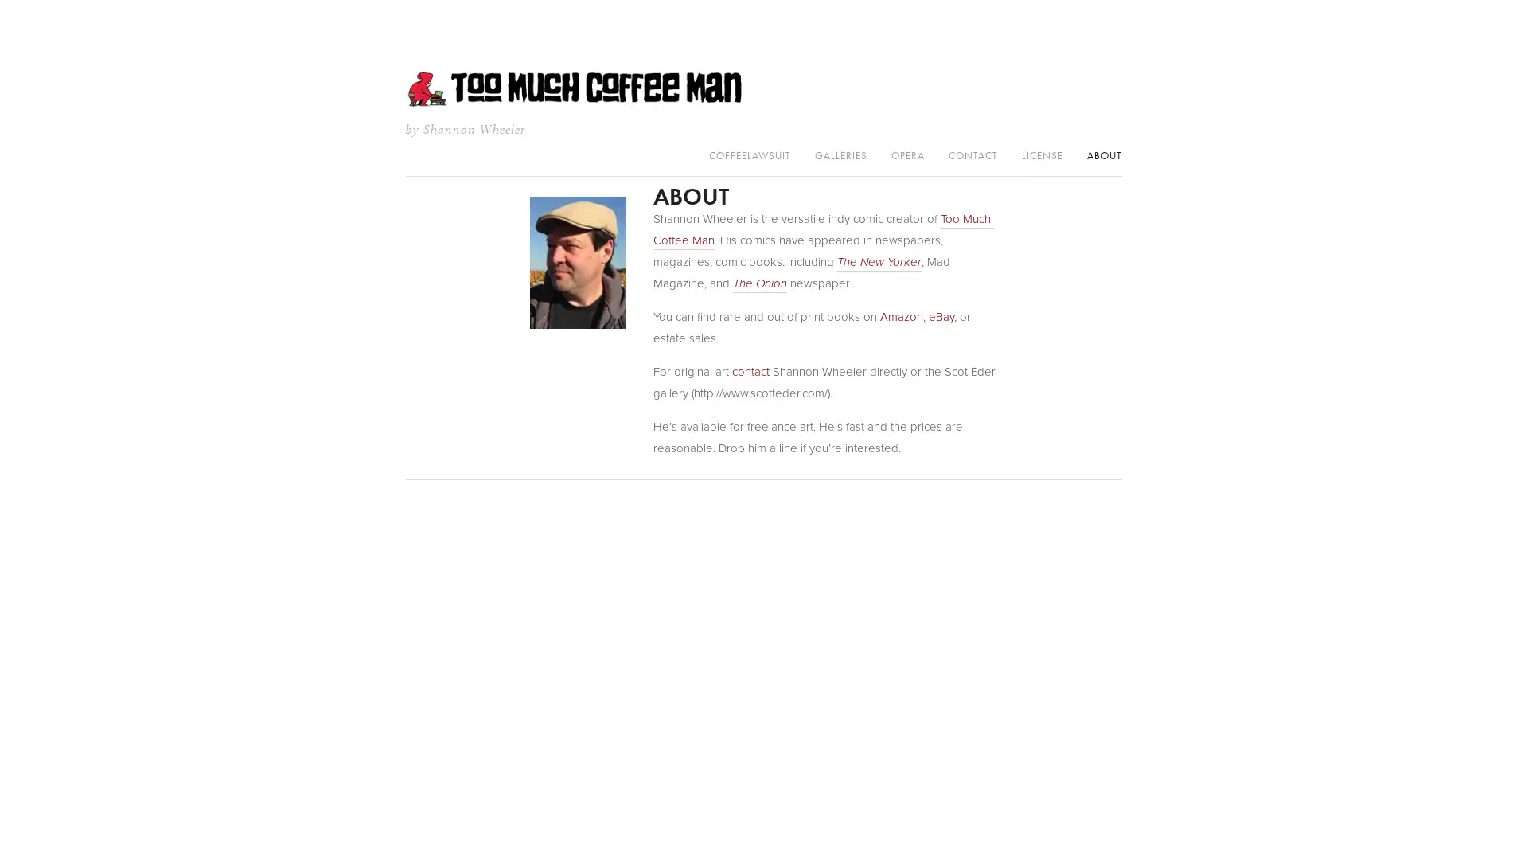  I want to click on View fullsize Shannon Wheeler Author Photo.jpg, so click(576, 262).